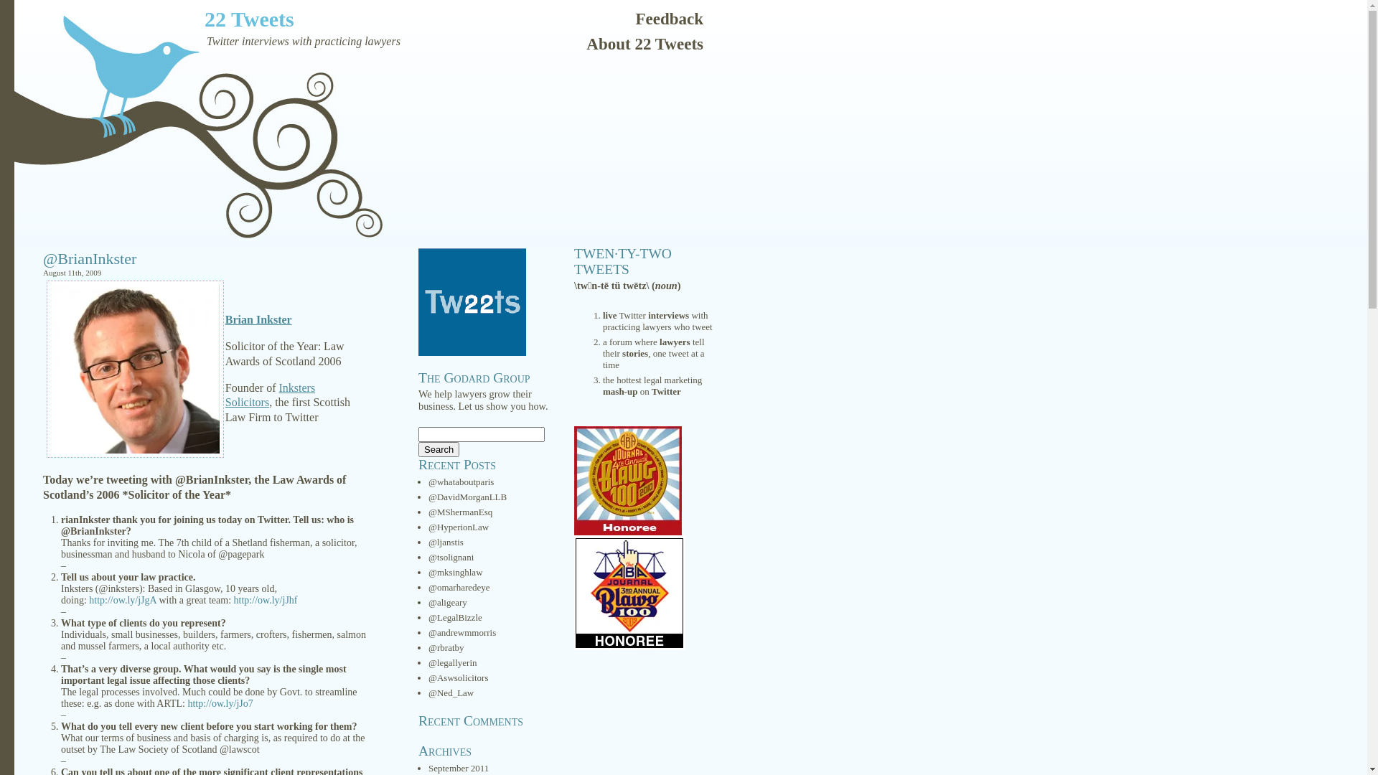 This screenshot has height=775, width=1378. What do you see at coordinates (644, 39) in the screenshot?
I see `'About 22 Tweets'` at bounding box center [644, 39].